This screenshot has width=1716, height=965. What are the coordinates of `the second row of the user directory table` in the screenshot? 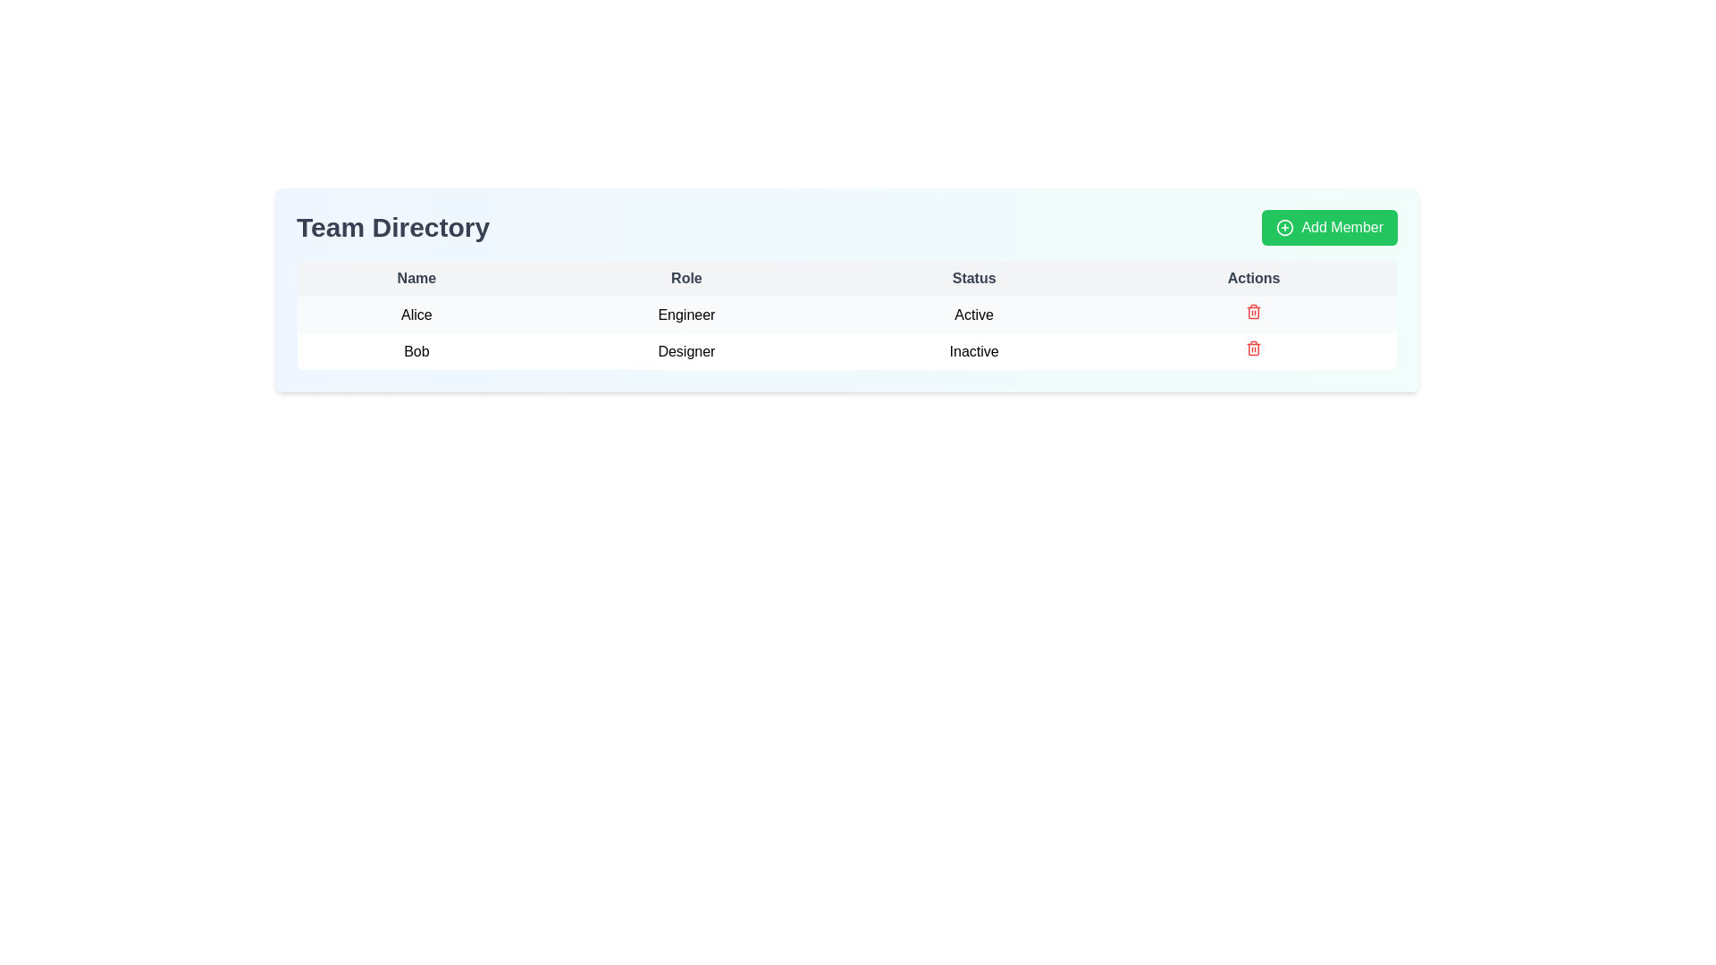 It's located at (846, 351).